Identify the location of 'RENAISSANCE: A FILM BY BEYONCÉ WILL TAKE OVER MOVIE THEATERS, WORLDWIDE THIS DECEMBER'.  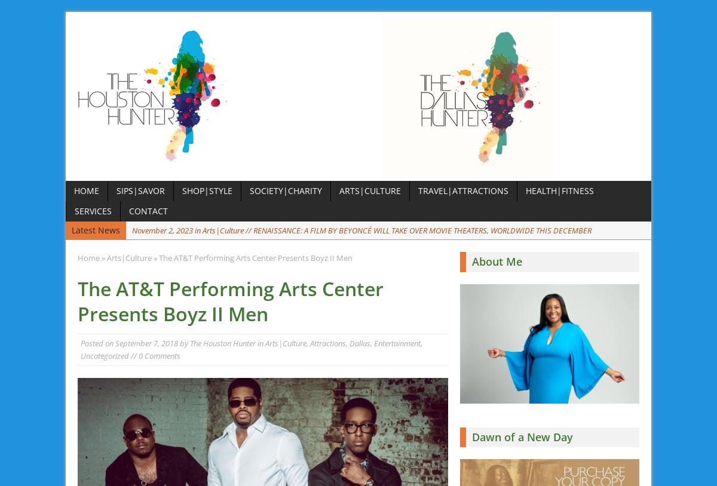
(422, 230).